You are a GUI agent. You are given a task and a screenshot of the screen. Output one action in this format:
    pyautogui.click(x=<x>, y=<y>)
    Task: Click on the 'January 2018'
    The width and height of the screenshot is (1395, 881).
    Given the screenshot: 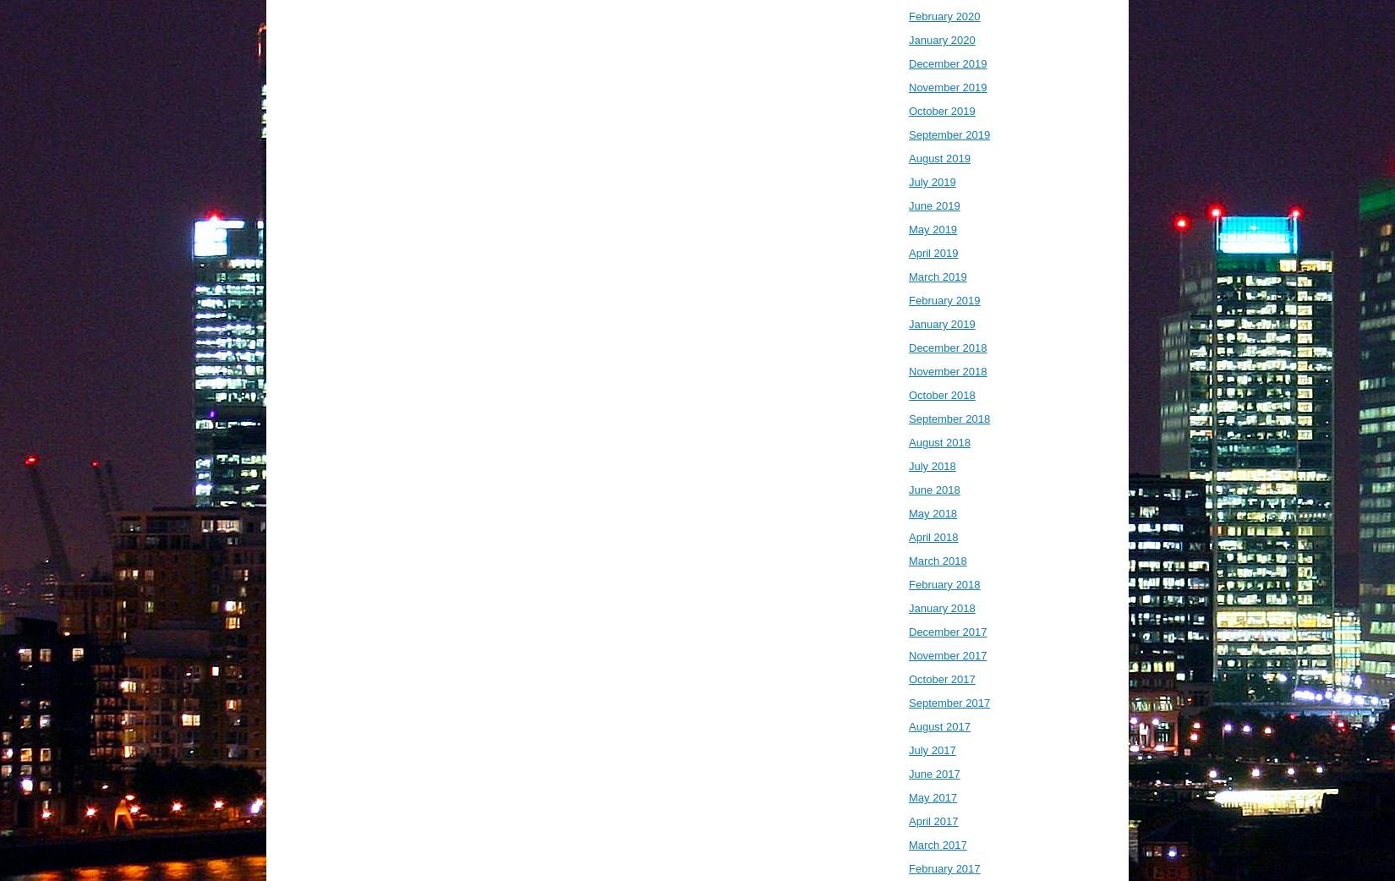 What is the action you would take?
    pyautogui.click(x=942, y=607)
    